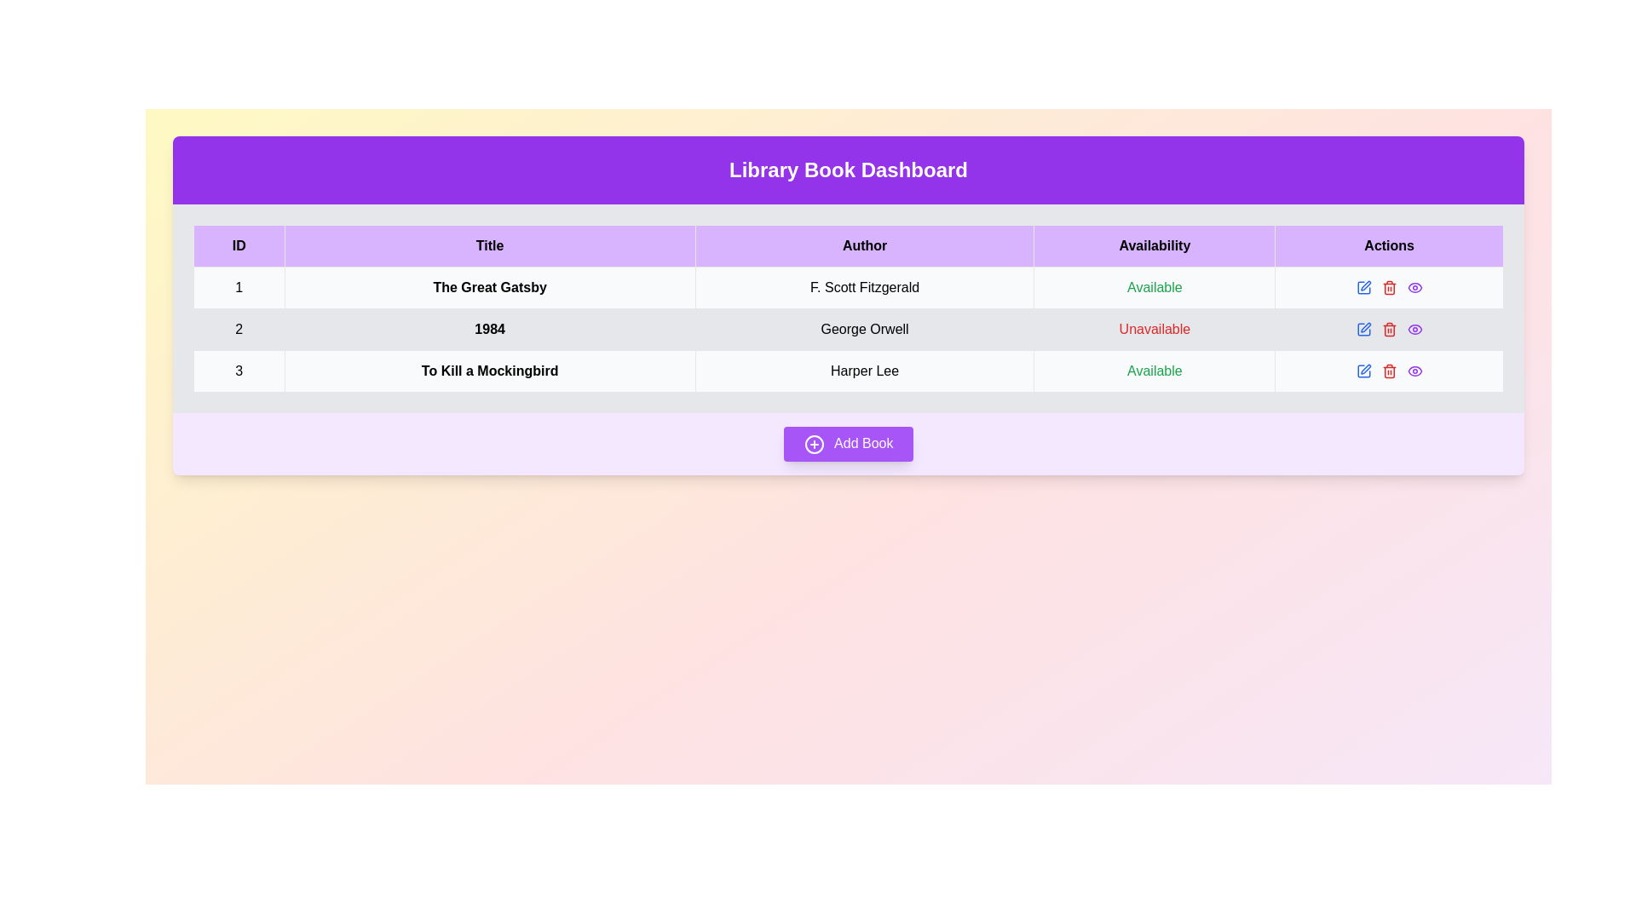 The image size is (1636, 920). I want to click on the trash can icon located in the 'Actions' column of the third row of the table, so click(1389, 331).